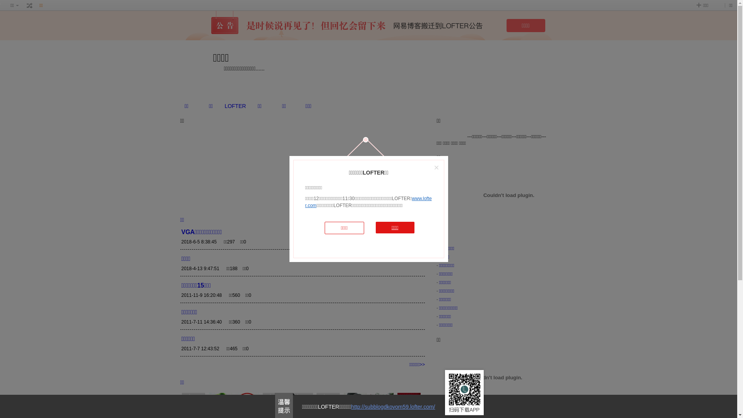 This screenshot has width=743, height=418. Describe the element at coordinates (29, 5) in the screenshot. I see `' '` at that location.